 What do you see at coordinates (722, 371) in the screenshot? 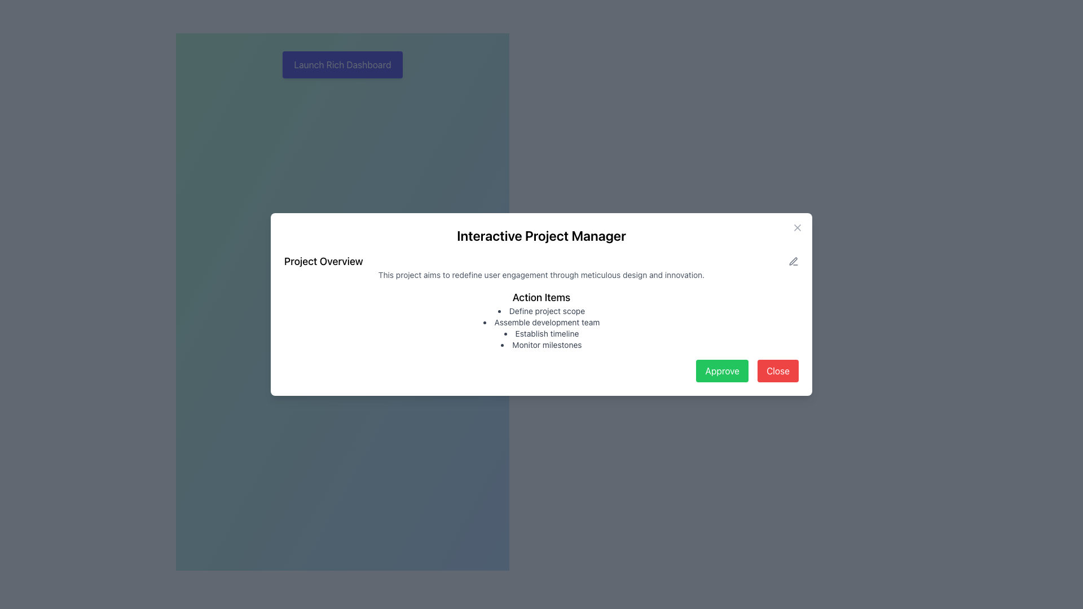
I see `the 'Approve' button, which is a rectangular button with white text on a green background, located on the right side of the modal dialog near the bottom` at bounding box center [722, 371].